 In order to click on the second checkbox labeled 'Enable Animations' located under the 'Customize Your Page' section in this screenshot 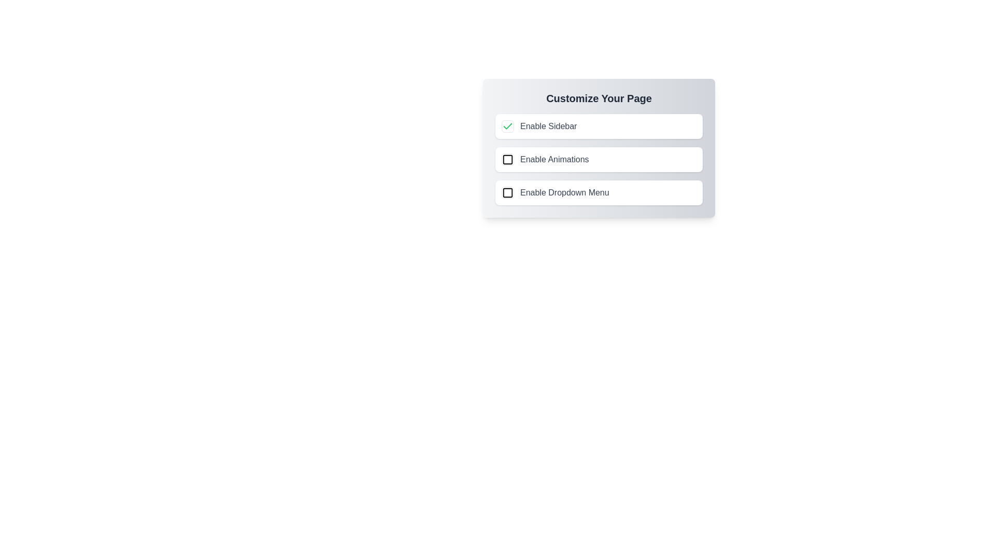, I will do `click(507, 160)`.